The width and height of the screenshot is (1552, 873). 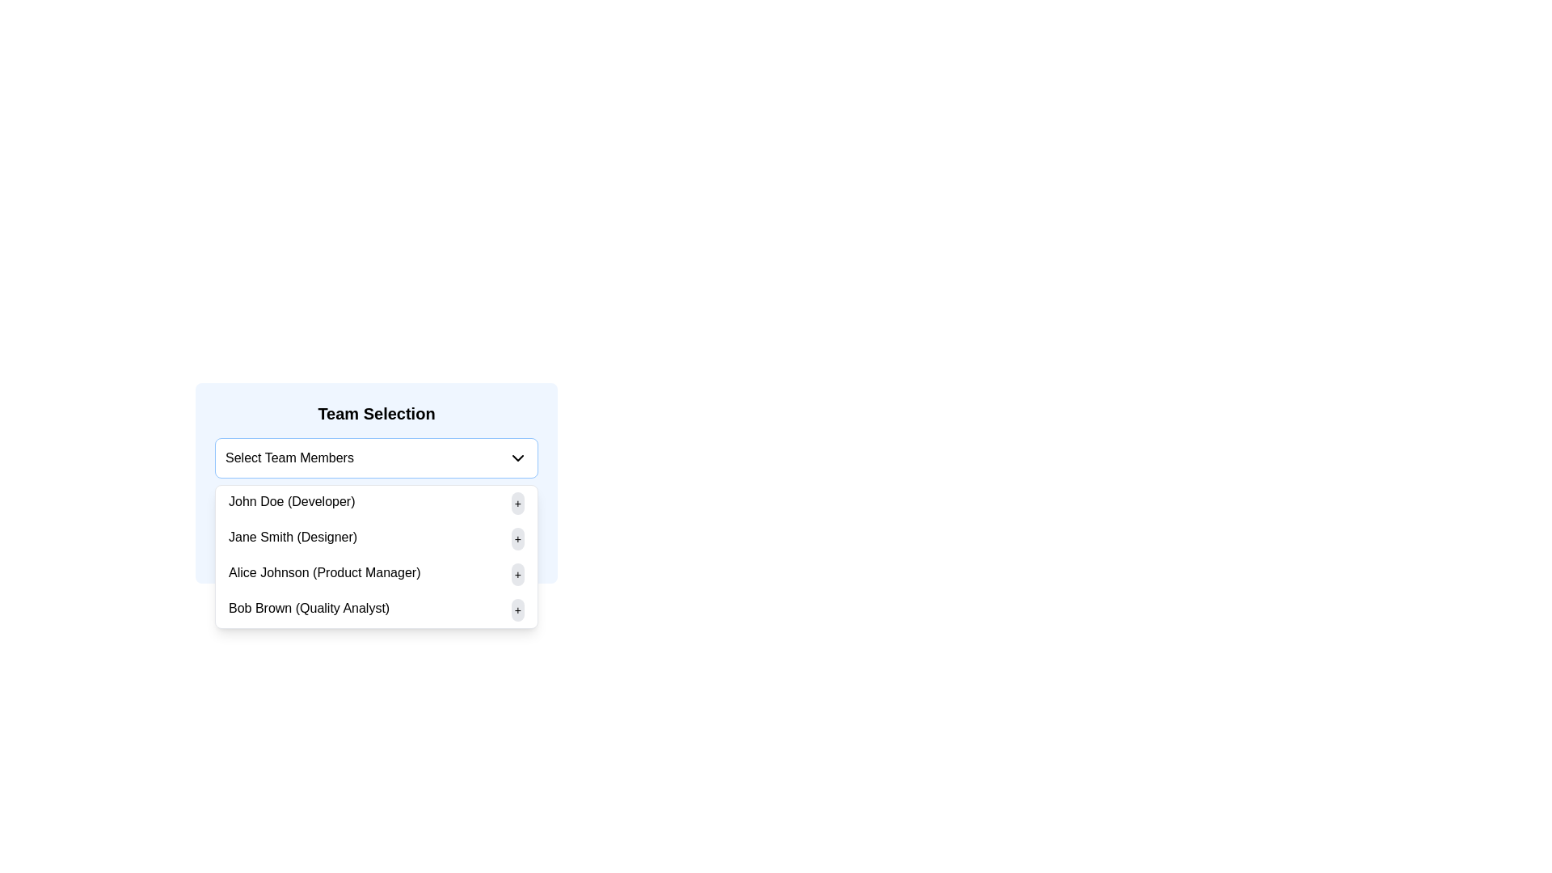 I want to click on the header text element labeled 'Team Selection', which is styled in bold and prominently placed at the top of the group, so click(x=375, y=413).